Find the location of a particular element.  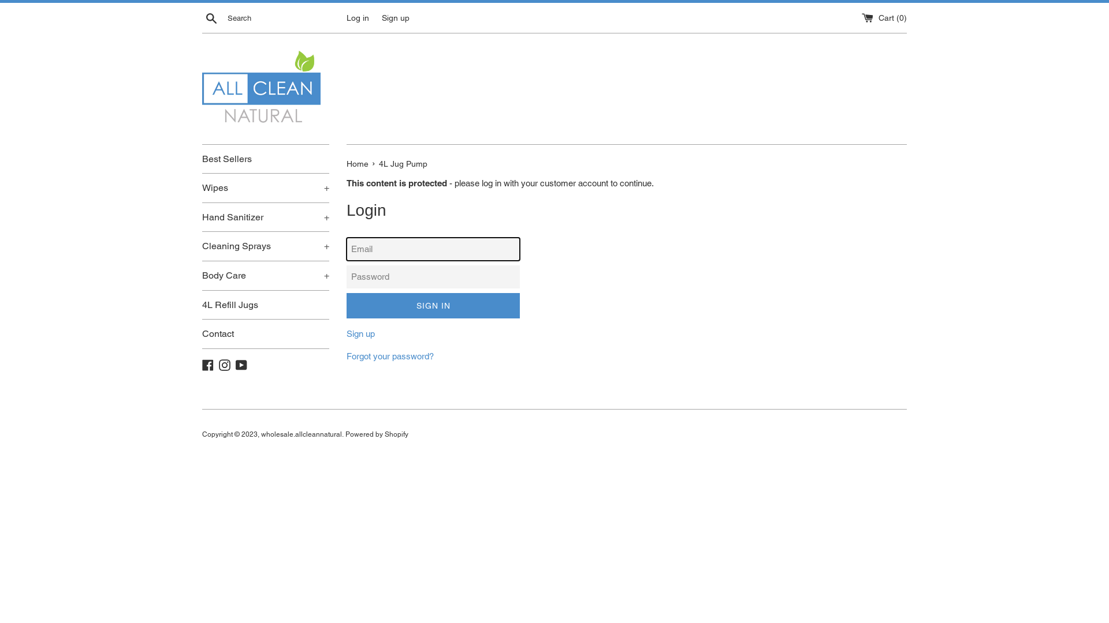

'Hand Sanitizer is located at coordinates (265, 217).